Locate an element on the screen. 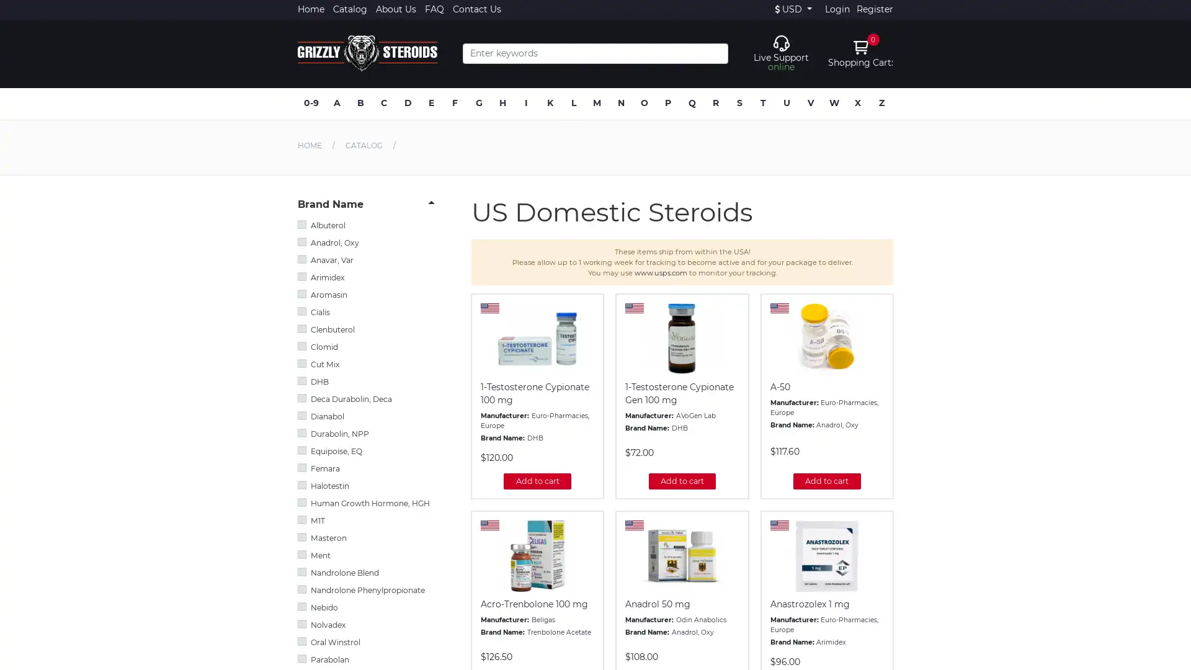  Register is located at coordinates (874, 9).